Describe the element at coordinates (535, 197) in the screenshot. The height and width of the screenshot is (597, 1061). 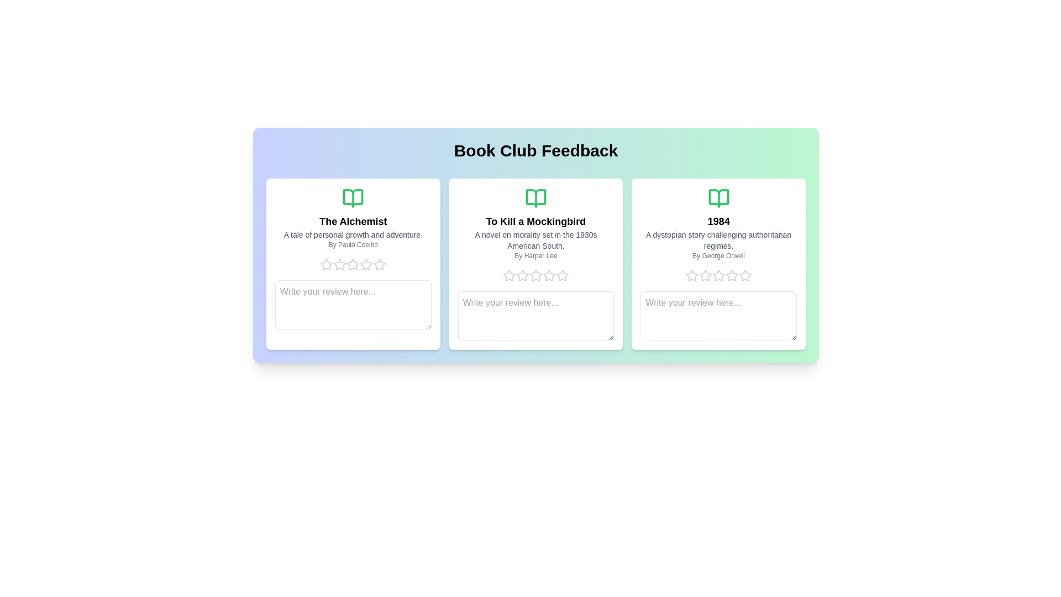
I see `the decorative Vector icon representing books or reading, located above the title 'To Kill a Mockingbird' in the middle card of a horizontally aligned list of three cards` at that location.